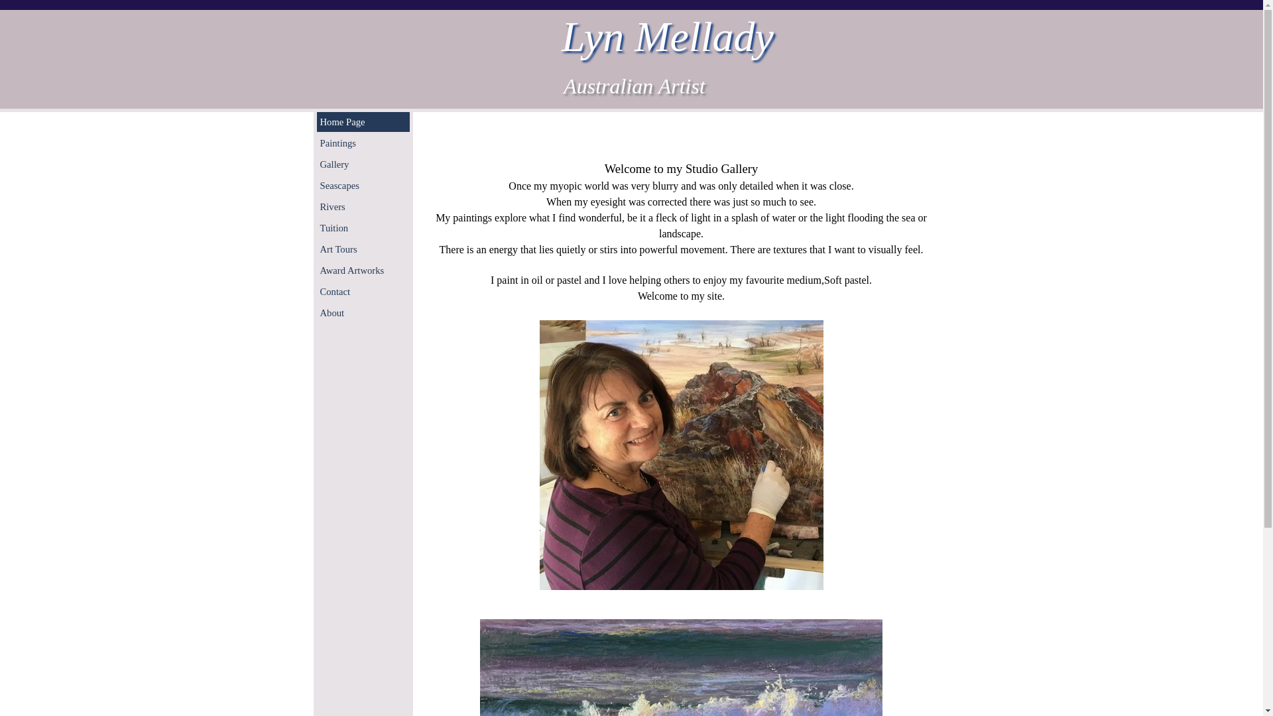  Describe the element at coordinates (363, 207) in the screenshot. I see `'Rivers'` at that location.